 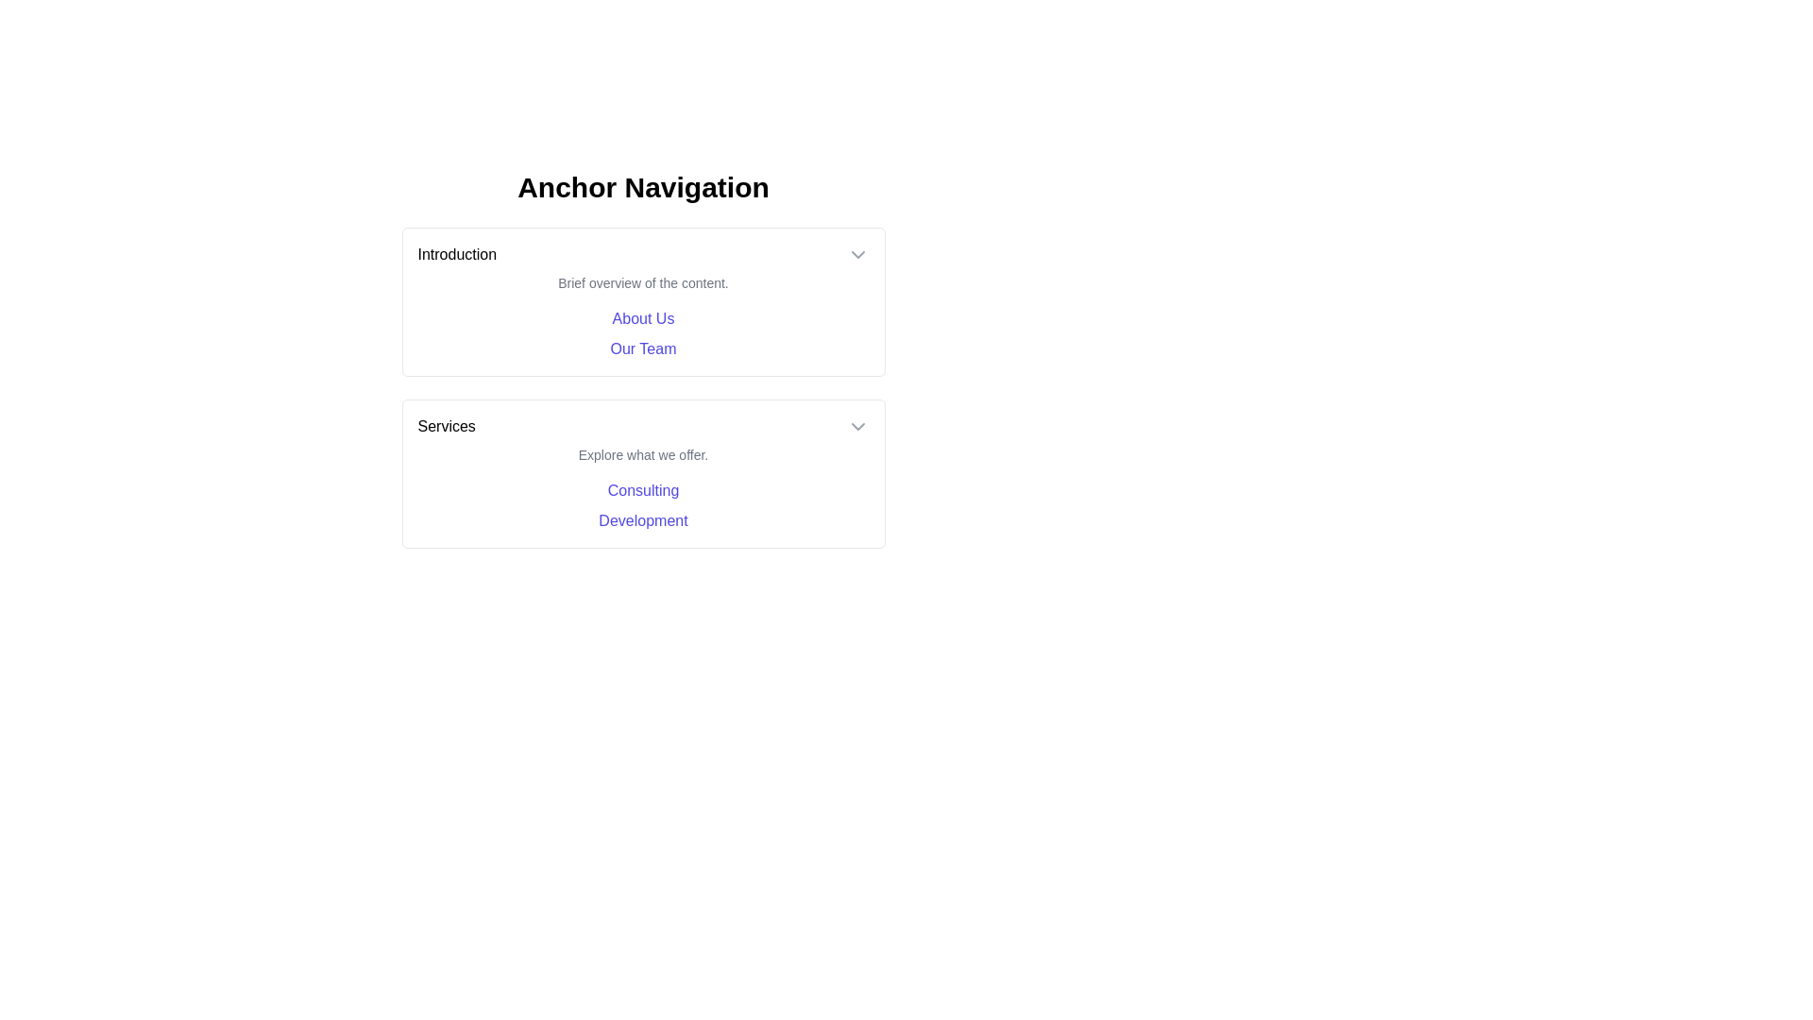 What do you see at coordinates (457, 255) in the screenshot?
I see `the Text heading at the top-left corner of the 'Anchor Navigation' section` at bounding box center [457, 255].